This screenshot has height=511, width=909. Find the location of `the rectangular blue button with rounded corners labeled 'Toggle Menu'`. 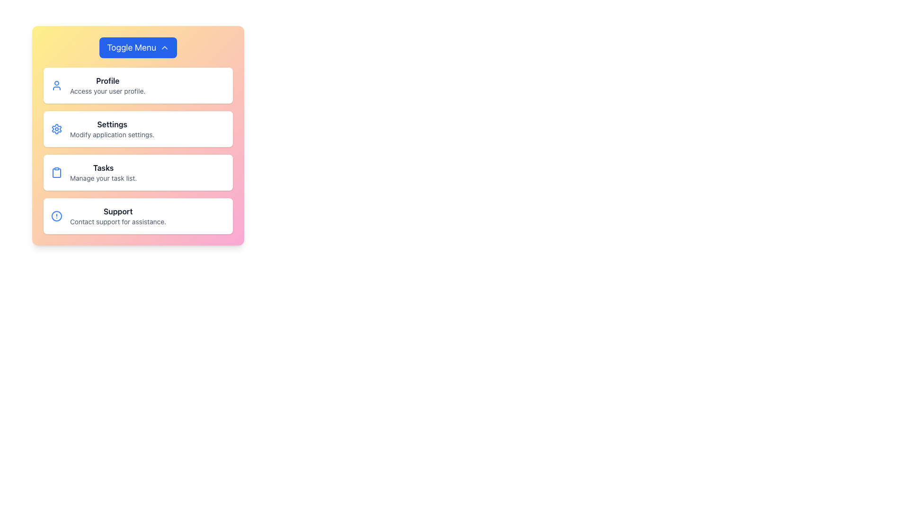

the rectangular blue button with rounded corners labeled 'Toggle Menu' is located at coordinates (138, 47).